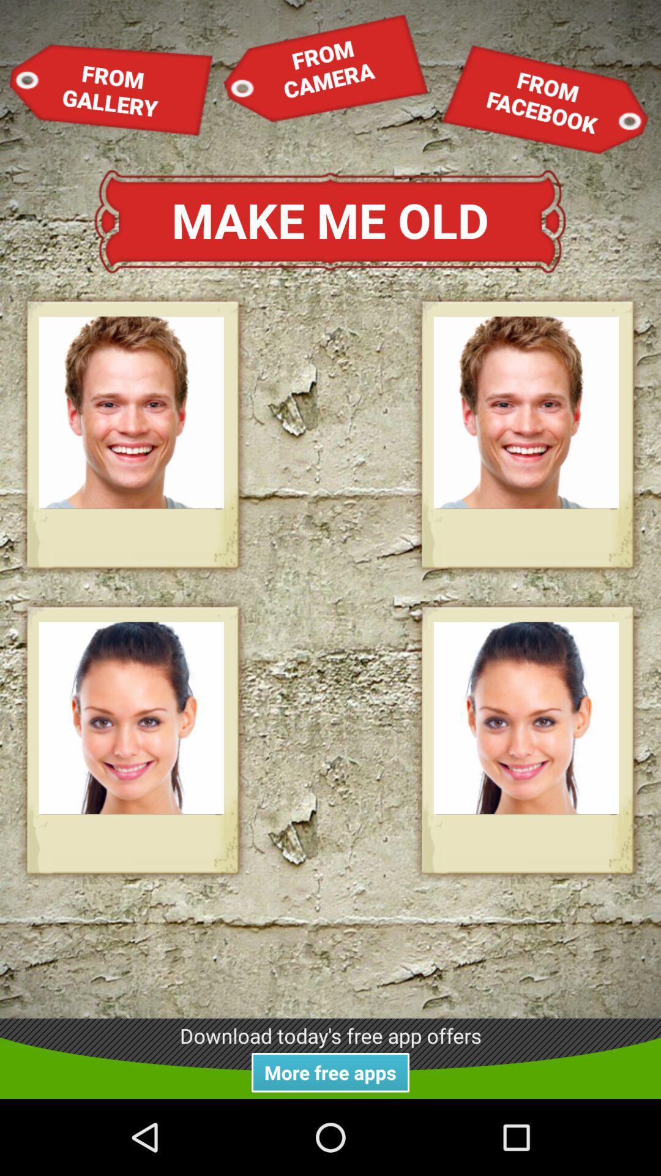 This screenshot has height=1176, width=661. I want to click on the icon to the left of the from, so click(325, 67).